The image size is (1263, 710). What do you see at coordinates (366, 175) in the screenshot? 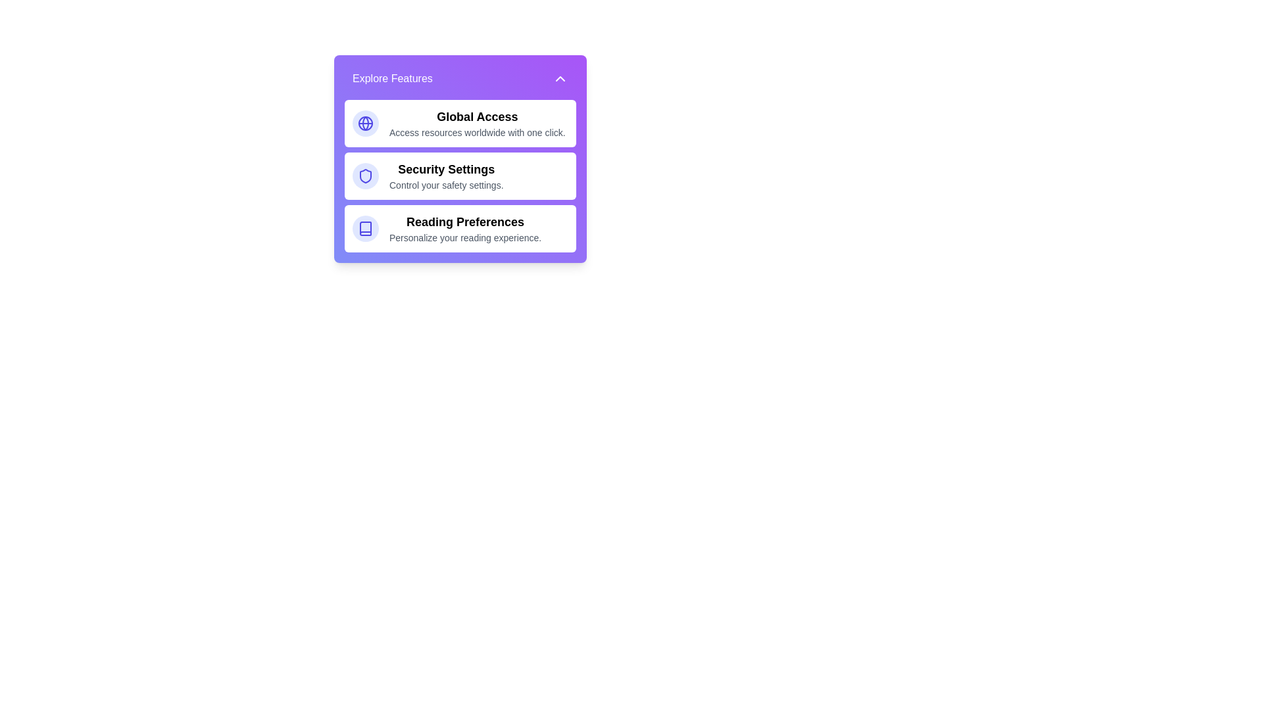
I see `the security icon located in the 'Security Settings' section of the 'Explore Features' menu panel, which visually represents the concept of security` at bounding box center [366, 175].